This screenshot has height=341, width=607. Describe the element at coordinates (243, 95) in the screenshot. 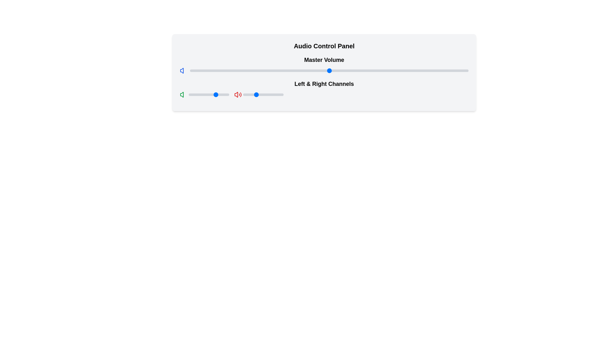

I see `the balance of left and right audio channels` at that location.